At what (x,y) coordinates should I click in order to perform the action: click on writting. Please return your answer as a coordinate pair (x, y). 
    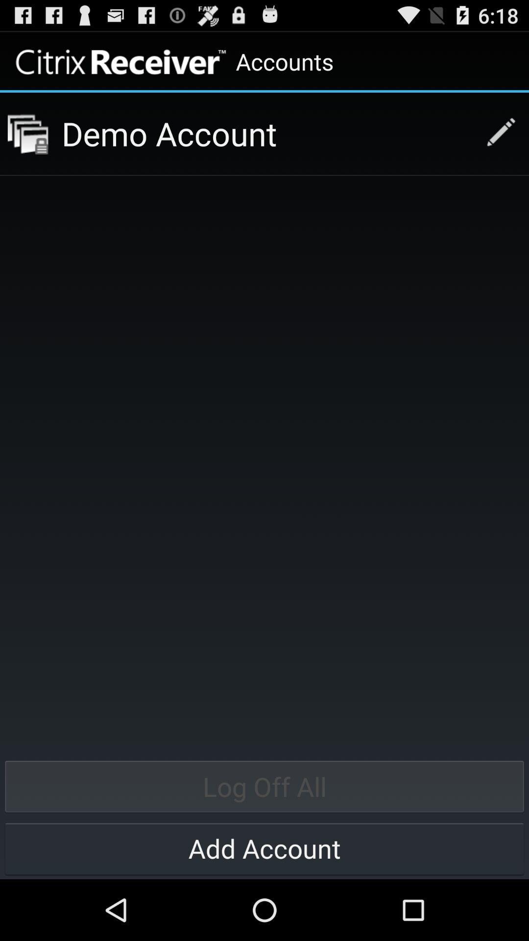
    Looking at the image, I should click on (496, 133).